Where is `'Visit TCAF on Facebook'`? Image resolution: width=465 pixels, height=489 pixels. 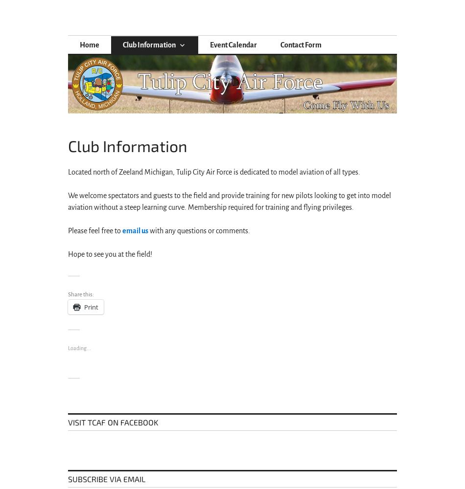
'Visit TCAF on Facebook' is located at coordinates (113, 422).